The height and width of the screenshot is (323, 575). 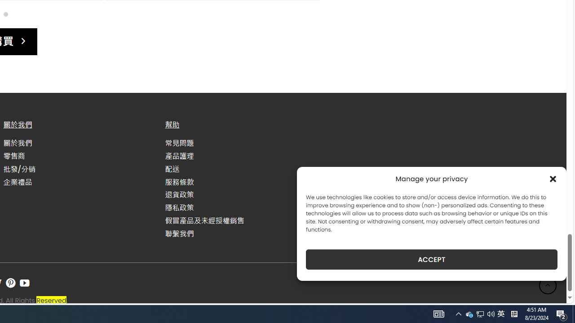 I want to click on 'Page dot 3', so click(x=5, y=14).